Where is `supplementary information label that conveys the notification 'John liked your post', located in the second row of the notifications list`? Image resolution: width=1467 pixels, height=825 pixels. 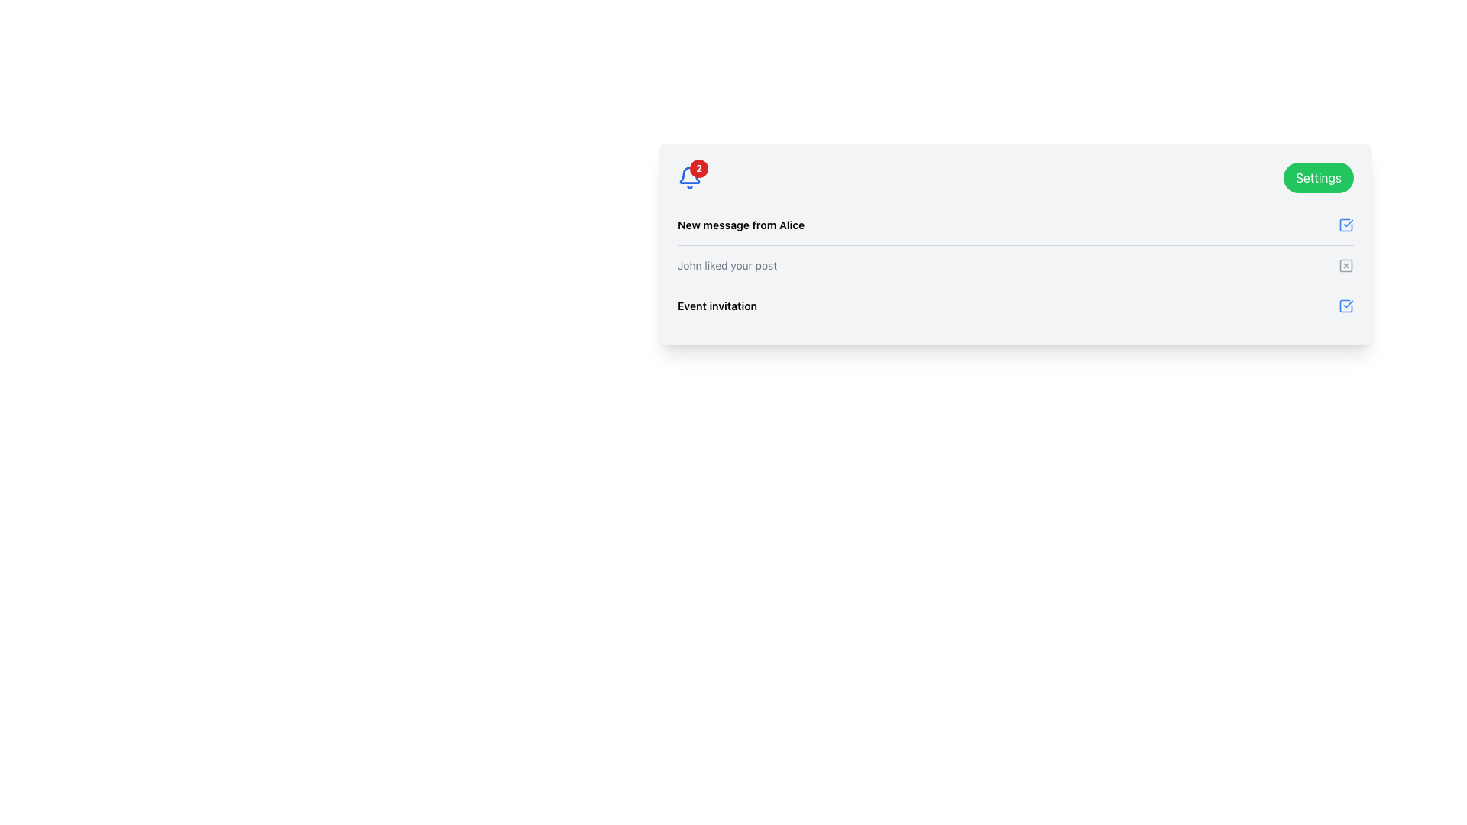
supplementary information label that conveys the notification 'John liked your post', located in the second row of the notifications list is located at coordinates (727, 264).